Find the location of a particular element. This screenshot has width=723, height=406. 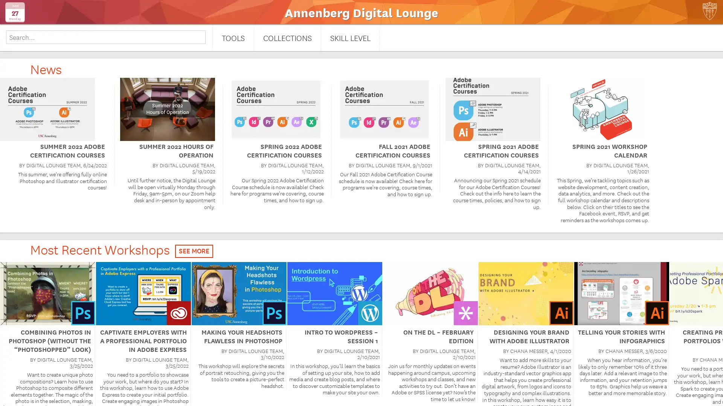

TOOLS is located at coordinates (233, 38).